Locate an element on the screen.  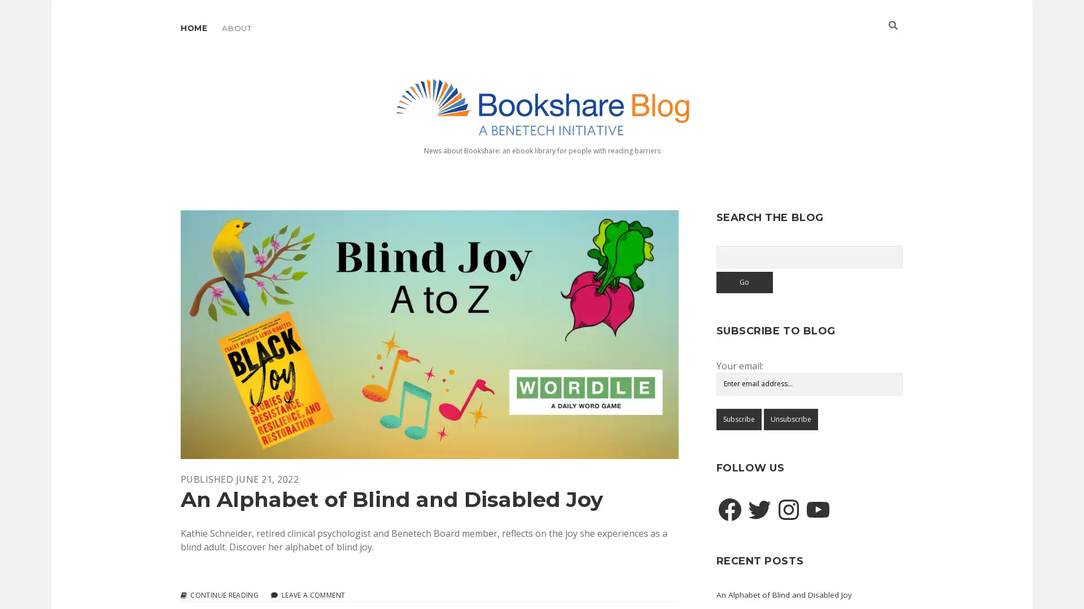
Subscribe is located at coordinates (738, 419).